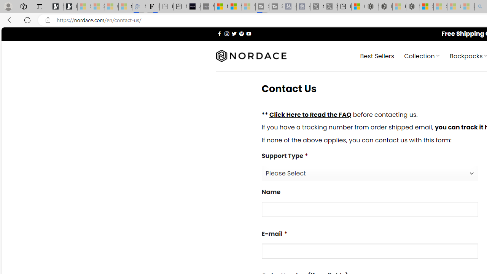 The height and width of the screenshot is (274, 487). I want to click on 'What', so click(207, 6).